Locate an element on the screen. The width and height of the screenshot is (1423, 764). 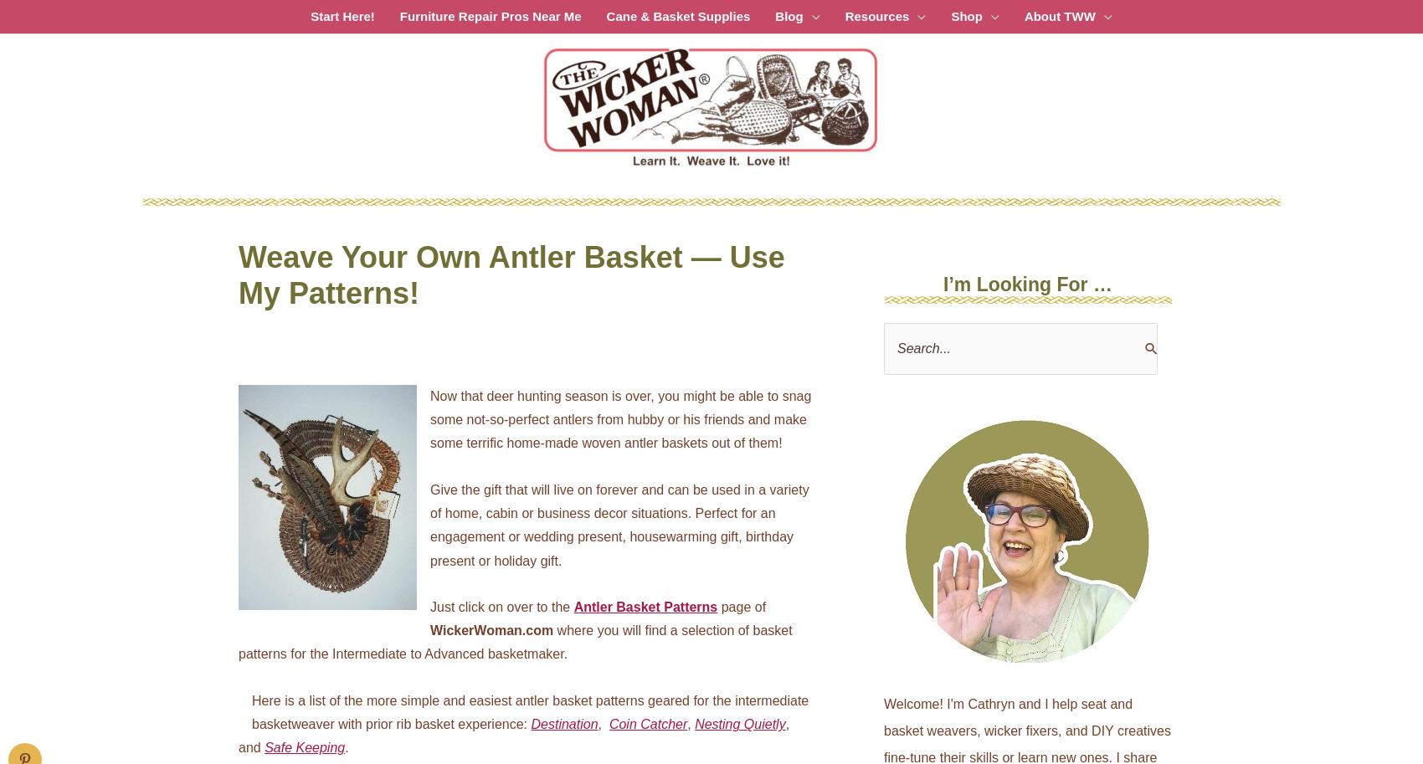
'Resources' is located at coordinates (876, 16).